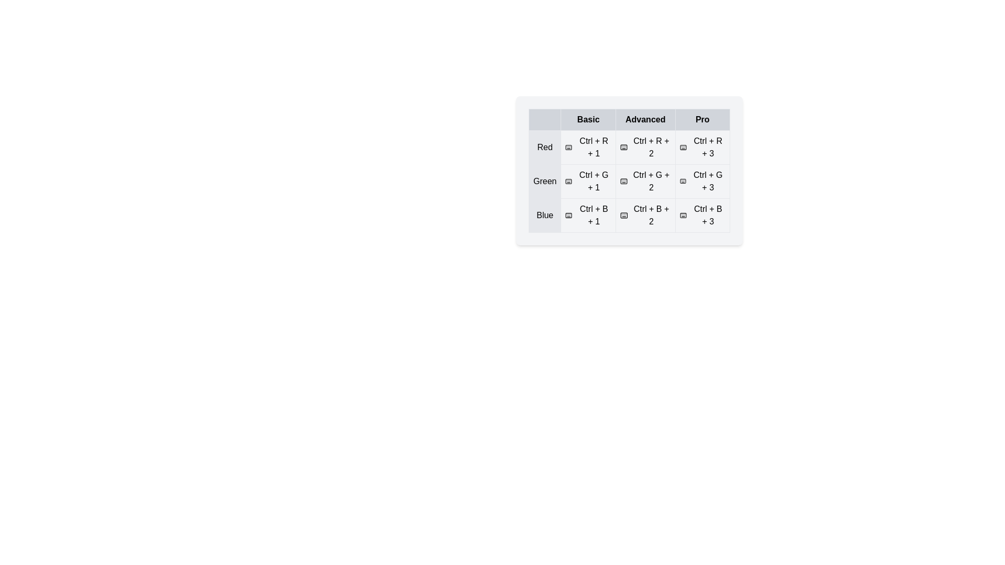  I want to click on the Label with the text 'Ctrl + B + 1' and keyboard icon, located in the third row and first column of the grid displaying keyboard shortcuts, so click(588, 215).